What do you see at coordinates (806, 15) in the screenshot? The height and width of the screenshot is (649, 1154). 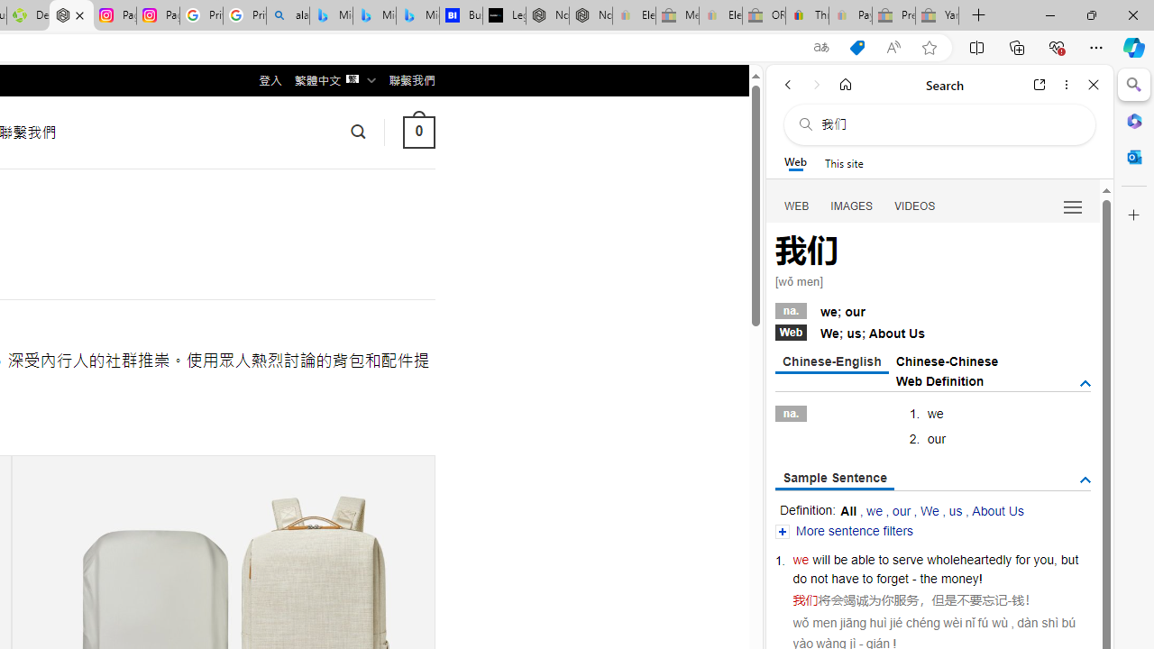 I see `'Threats and offensive language policy | eBay'` at bounding box center [806, 15].